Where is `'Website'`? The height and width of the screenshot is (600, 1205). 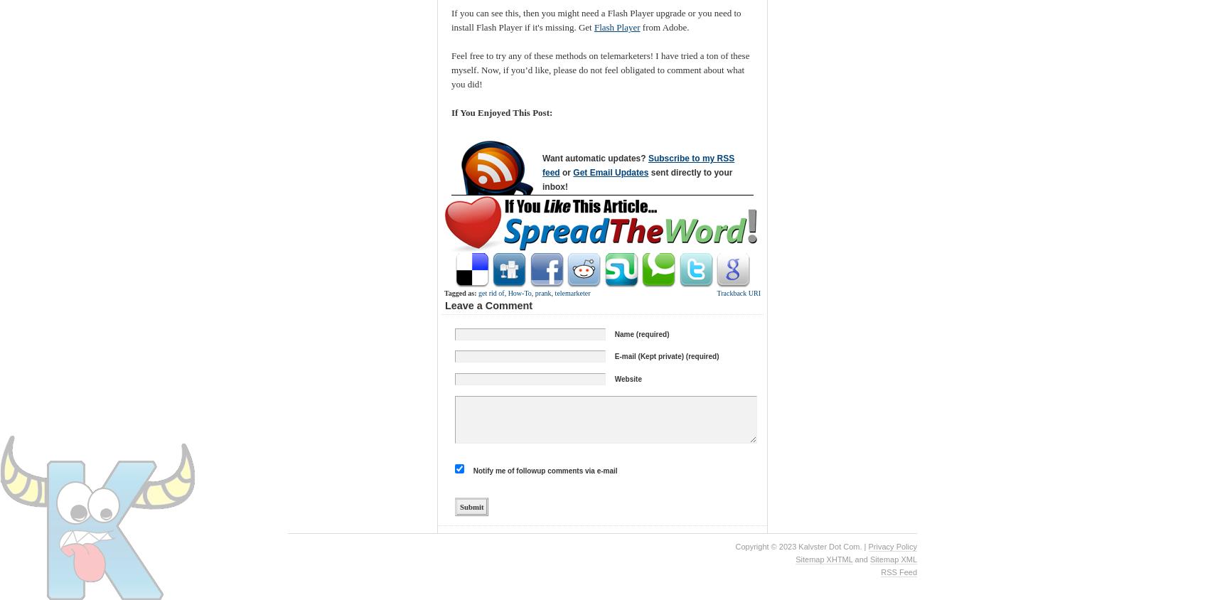
'Website' is located at coordinates (626, 379).